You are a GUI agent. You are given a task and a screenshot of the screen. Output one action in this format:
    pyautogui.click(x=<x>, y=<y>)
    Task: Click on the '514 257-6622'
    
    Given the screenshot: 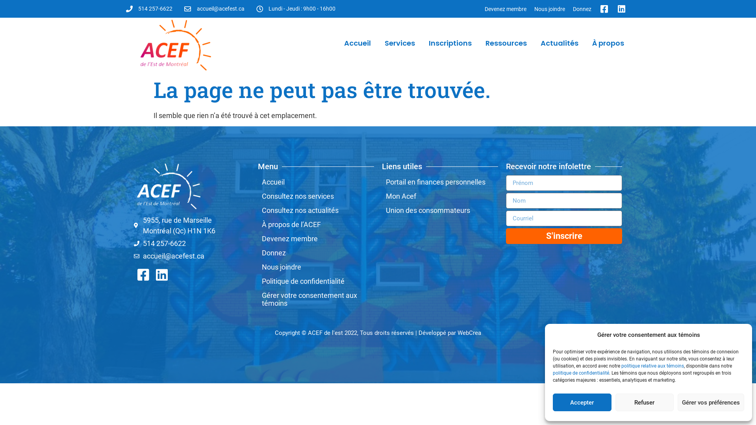 What is the action you would take?
    pyautogui.click(x=192, y=243)
    